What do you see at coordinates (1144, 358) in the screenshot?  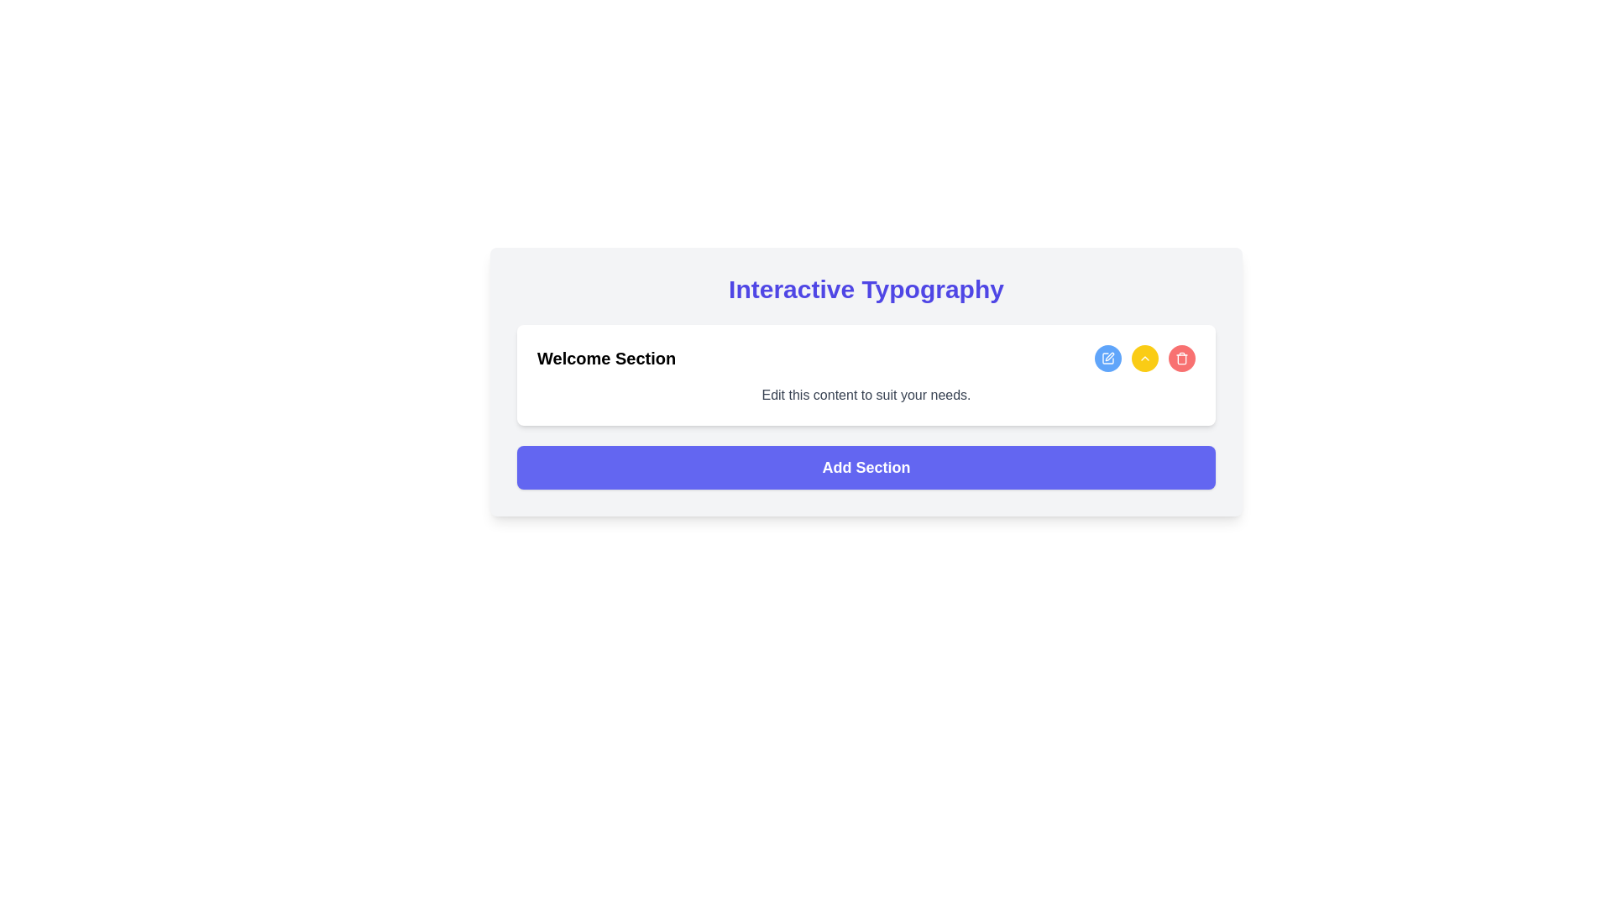 I see `the upward movement button located in the row of buttons below the 'Welcome Section' text` at bounding box center [1144, 358].